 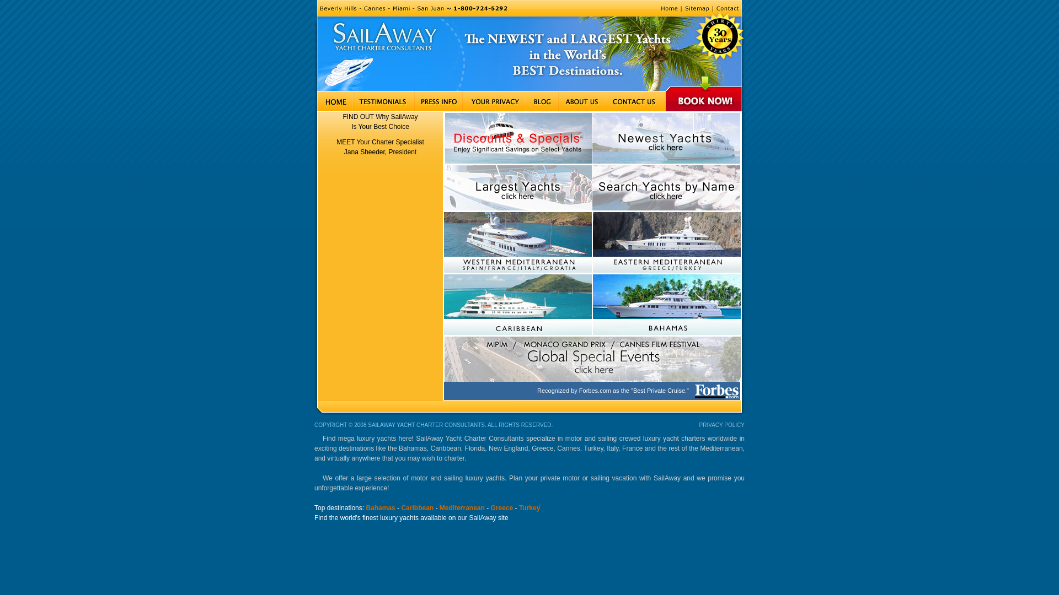 What do you see at coordinates (666, 138) in the screenshot?
I see `'New Yachts'` at bounding box center [666, 138].